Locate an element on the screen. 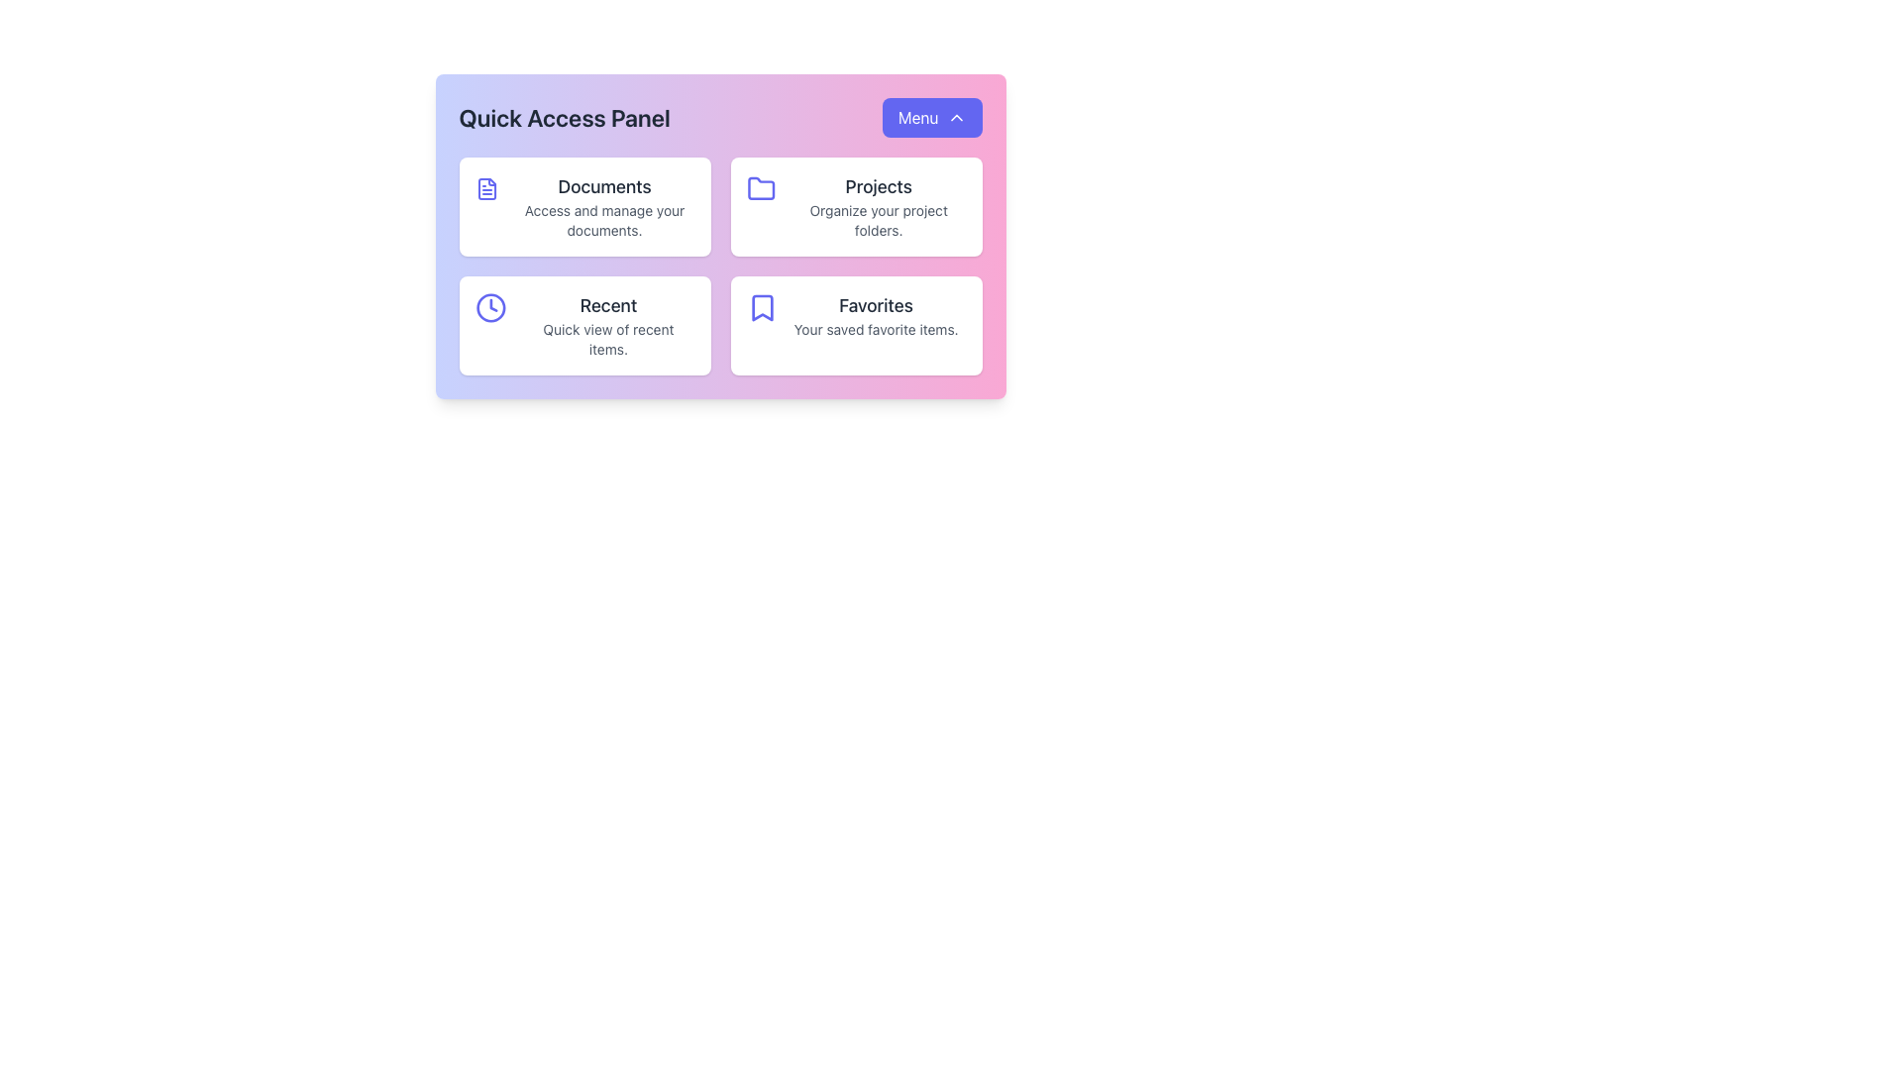  the indigo document icon with a paper-like appearance located at the top-left corner of the 'Documents' card in the grid is located at coordinates (486, 189).